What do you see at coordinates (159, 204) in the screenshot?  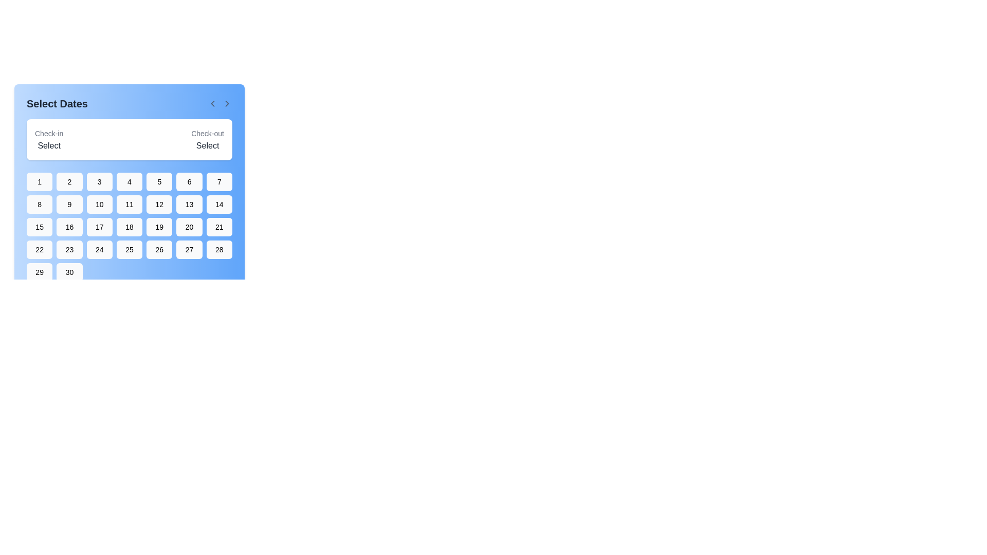 I see `the button representing the 12th day in the date picker` at bounding box center [159, 204].